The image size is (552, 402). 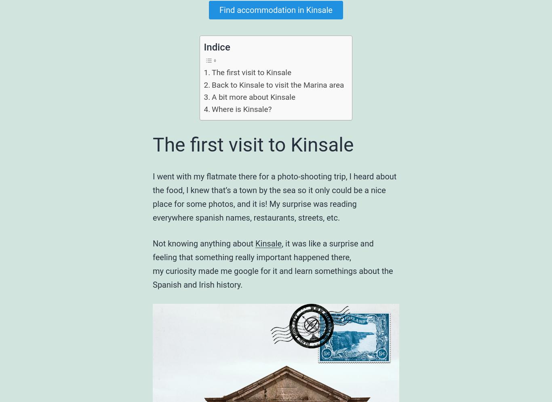 I want to click on 'A bit more about Kinsale', so click(x=253, y=97).